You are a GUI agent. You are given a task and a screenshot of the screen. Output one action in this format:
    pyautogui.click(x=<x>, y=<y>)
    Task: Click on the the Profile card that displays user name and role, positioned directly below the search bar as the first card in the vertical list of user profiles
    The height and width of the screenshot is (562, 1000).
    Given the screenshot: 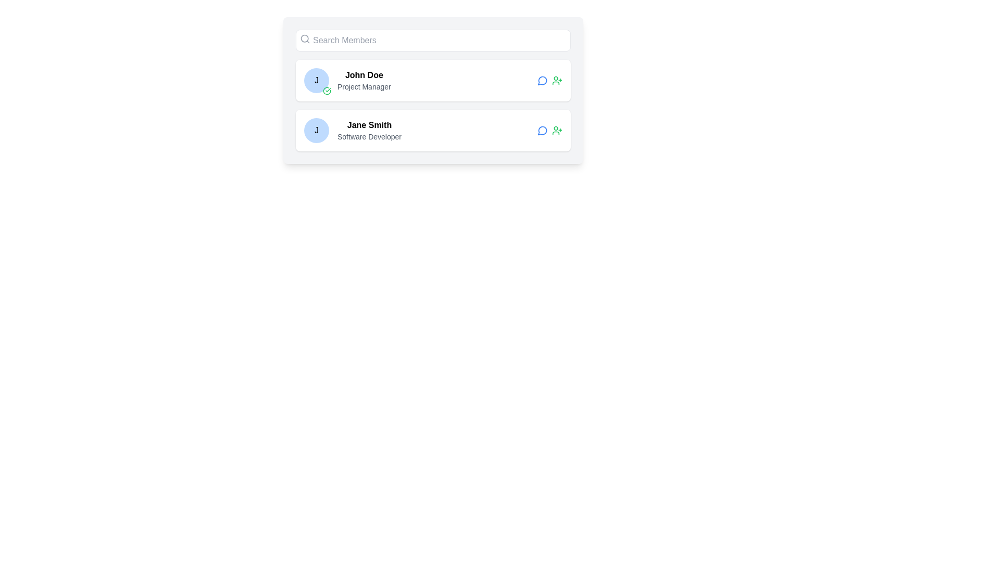 What is the action you would take?
    pyautogui.click(x=433, y=80)
    